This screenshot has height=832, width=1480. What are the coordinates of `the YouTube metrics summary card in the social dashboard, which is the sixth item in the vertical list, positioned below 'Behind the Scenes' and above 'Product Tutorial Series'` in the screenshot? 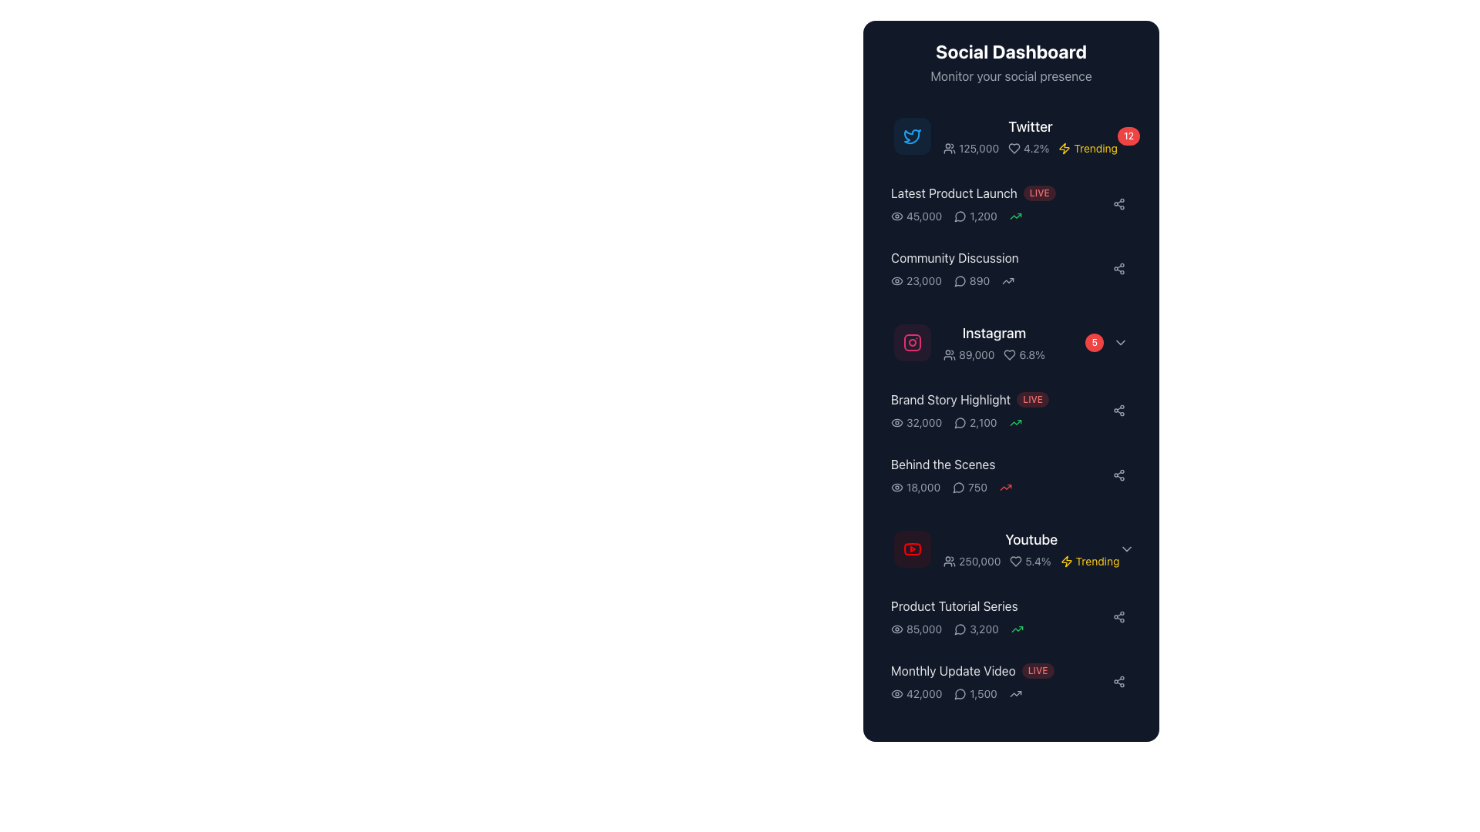 It's located at (1011, 549).